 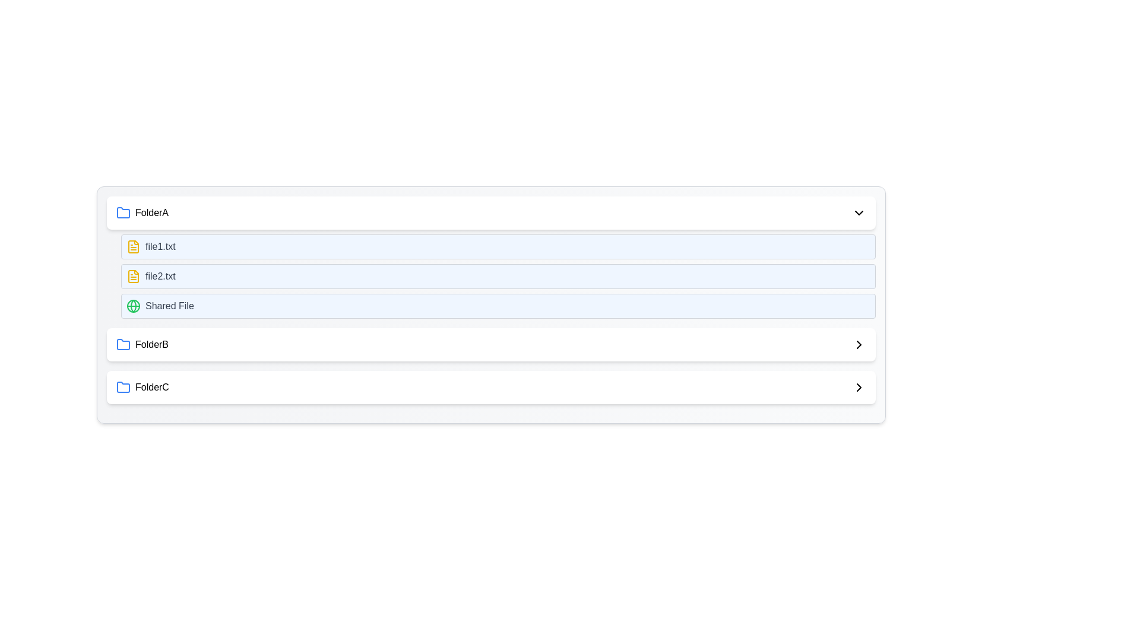 I want to click on the text label representing the first file entry under 'FolderA', which is located next to a yellow file icon, so click(x=160, y=246).